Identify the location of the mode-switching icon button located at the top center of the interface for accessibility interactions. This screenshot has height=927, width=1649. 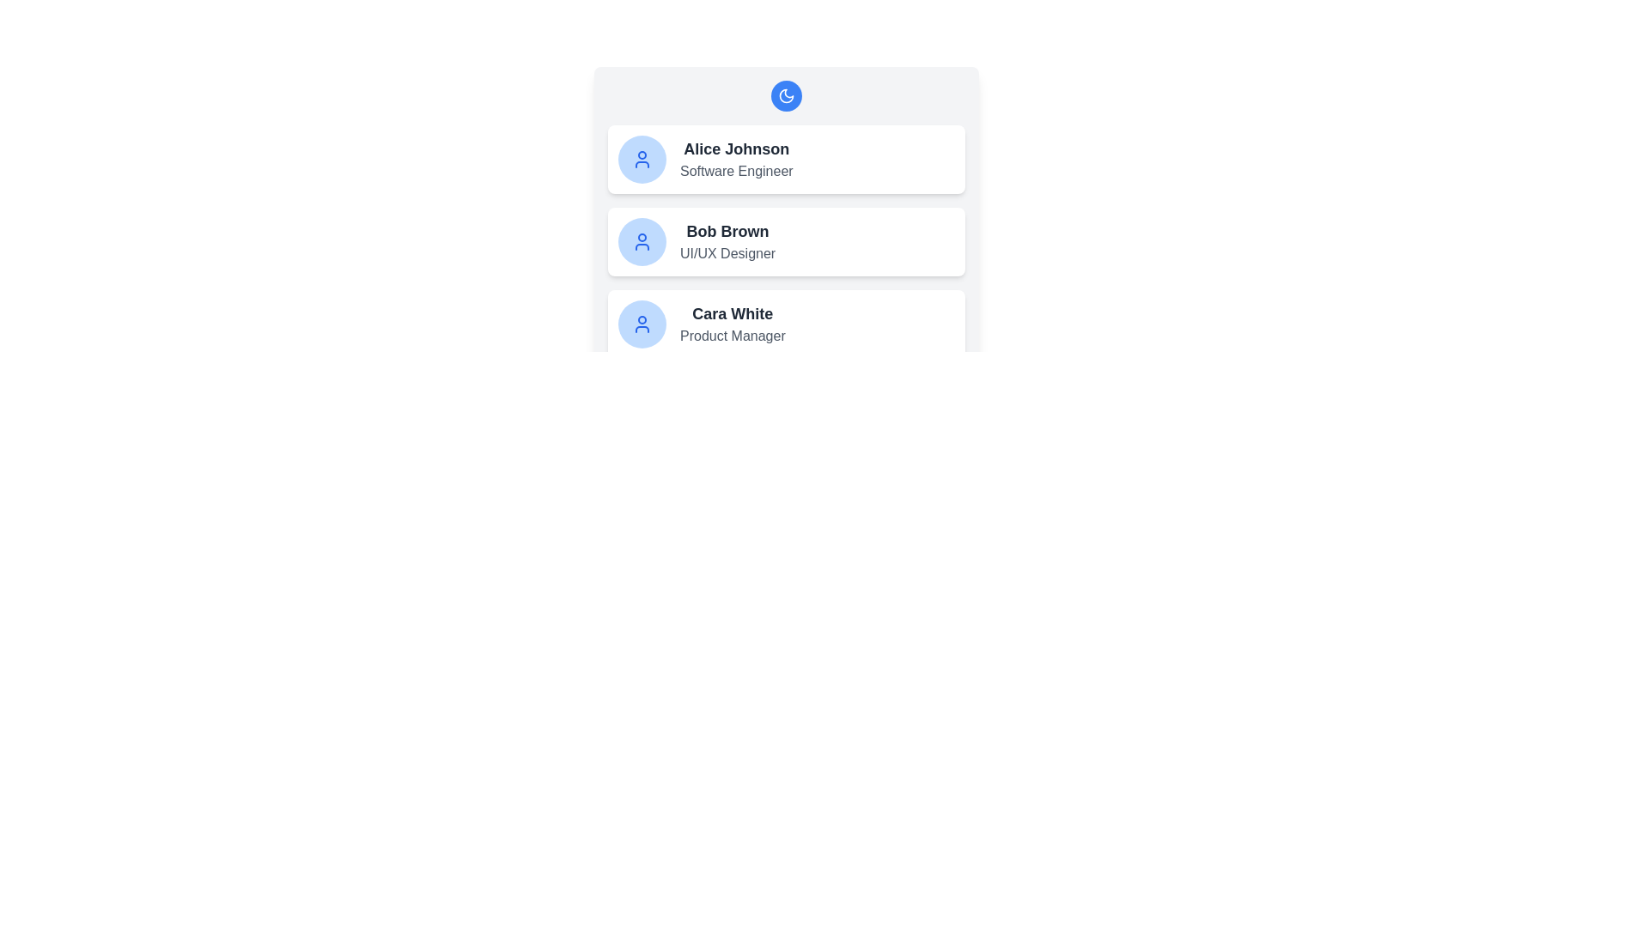
(786, 95).